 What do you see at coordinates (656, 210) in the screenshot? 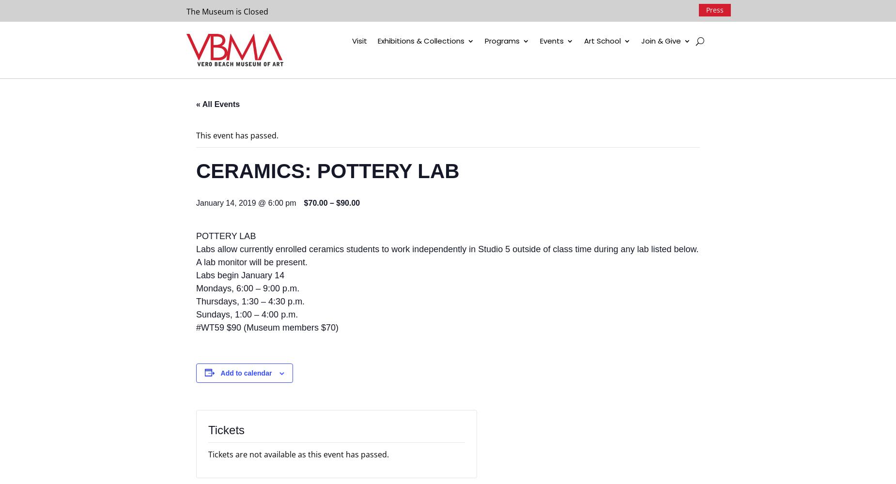
I see `'Advertise with VBMA'` at bounding box center [656, 210].